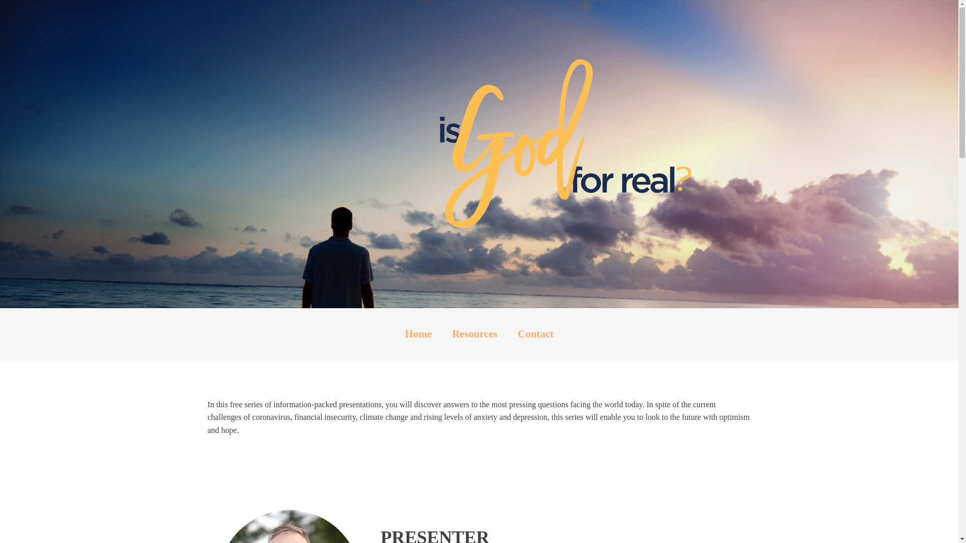 The height and width of the screenshot is (543, 966). I want to click on 'Resources', so click(474, 334).